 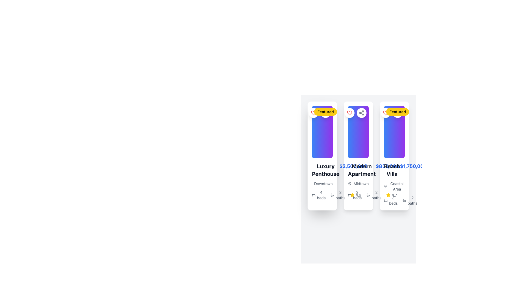 I want to click on the star rating icon located to the left of the text '4.7' in the rating information section, so click(x=388, y=195).